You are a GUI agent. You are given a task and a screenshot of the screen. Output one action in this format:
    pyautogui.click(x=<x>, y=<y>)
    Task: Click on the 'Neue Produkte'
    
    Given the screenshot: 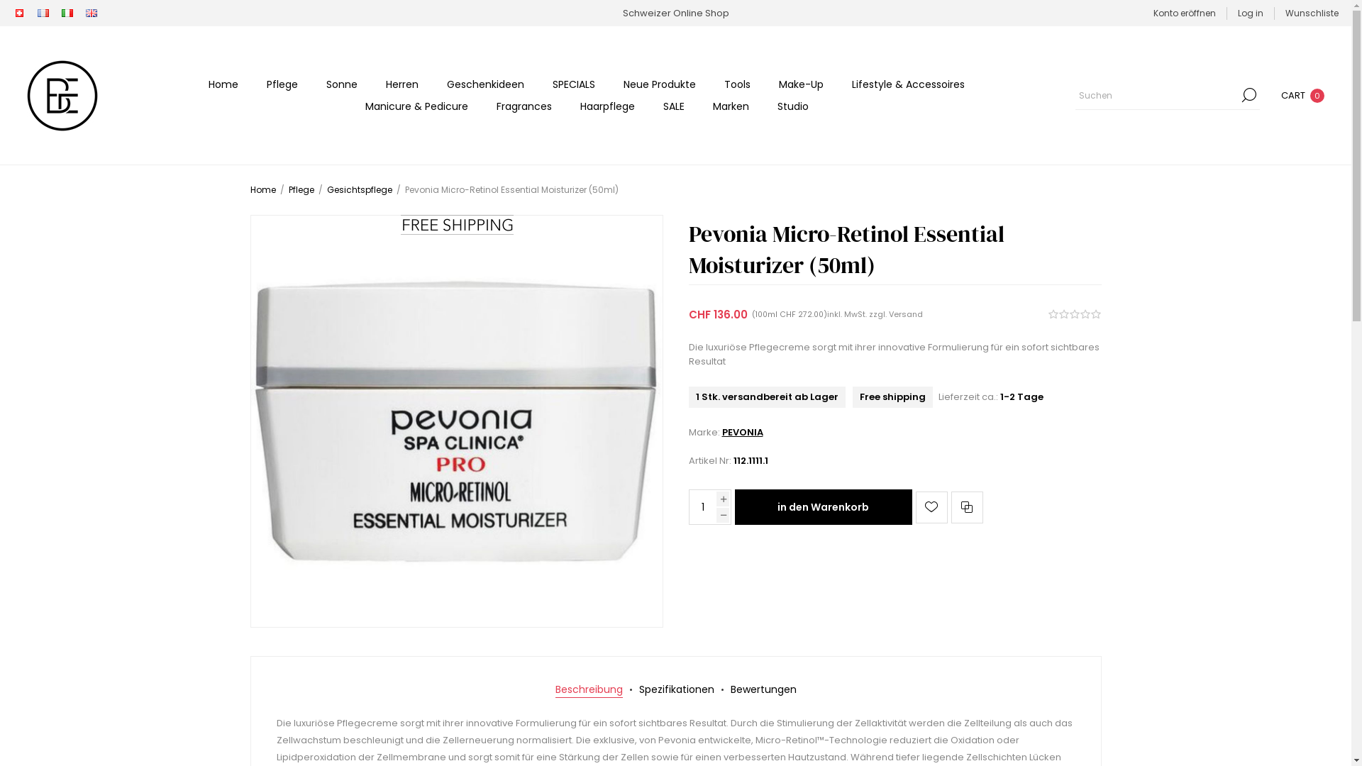 What is the action you would take?
    pyautogui.click(x=659, y=84)
    